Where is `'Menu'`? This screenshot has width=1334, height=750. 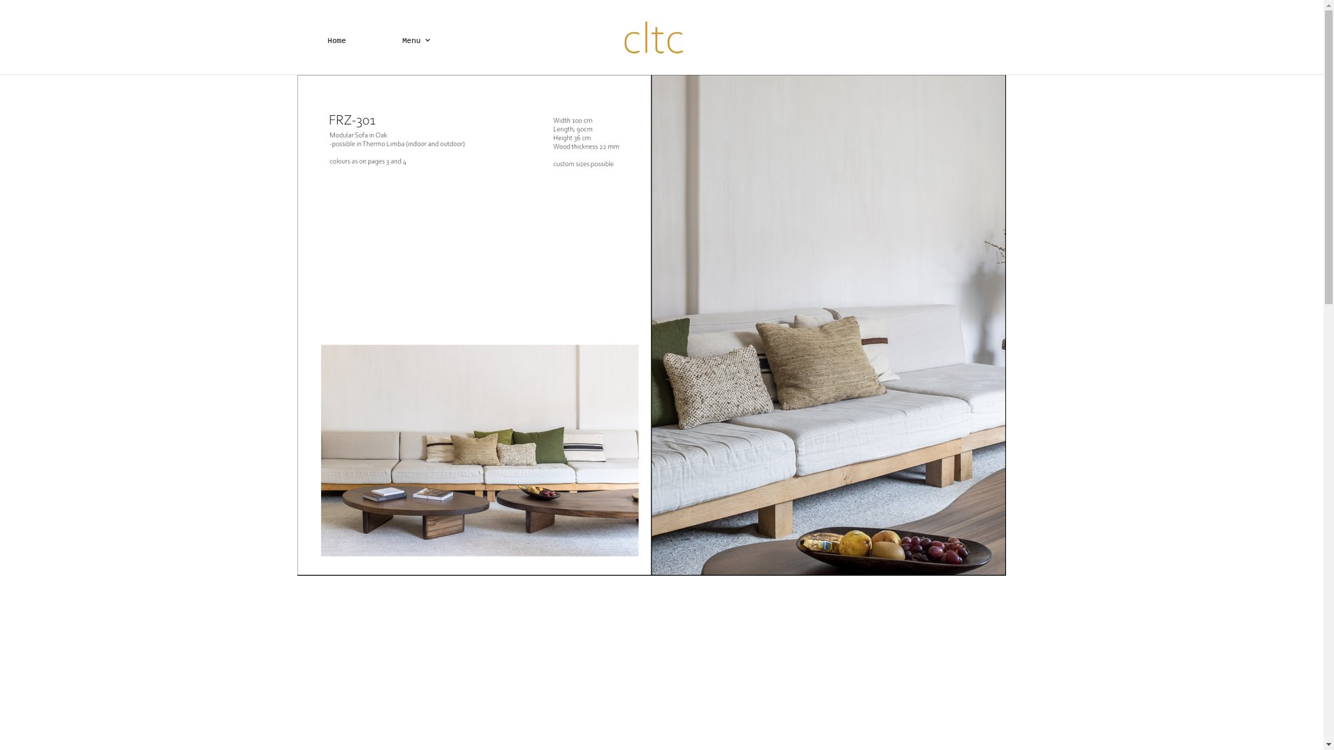 'Menu' is located at coordinates (374, 40).